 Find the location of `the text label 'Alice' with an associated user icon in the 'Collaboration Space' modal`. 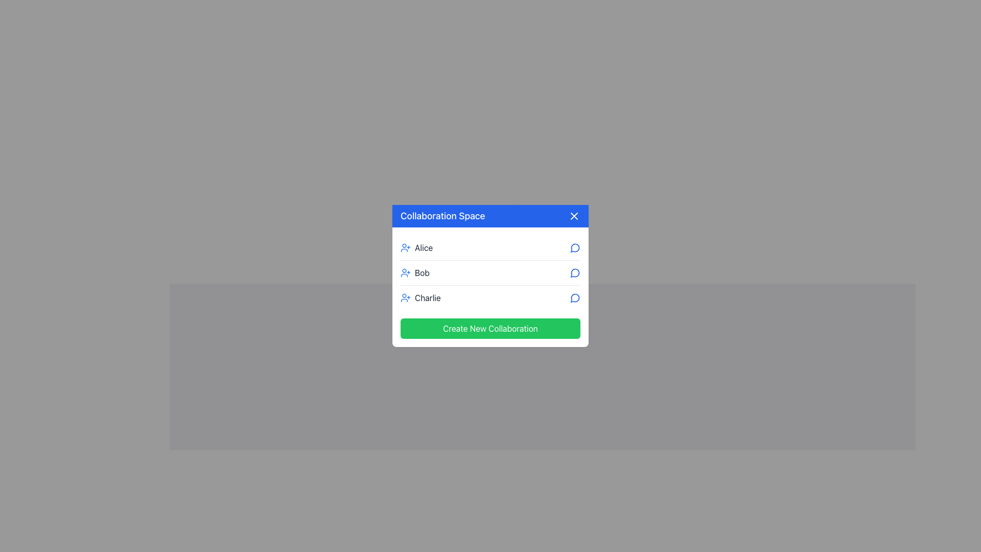

the text label 'Alice' with an associated user icon in the 'Collaboration Space' modal is located at coordinates (416, 248).